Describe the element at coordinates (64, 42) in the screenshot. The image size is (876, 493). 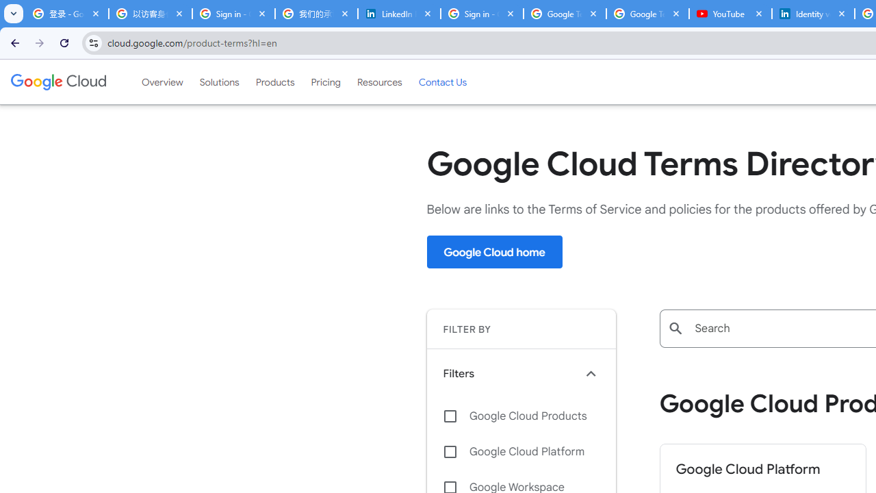
I see `'Reload'` at that location.